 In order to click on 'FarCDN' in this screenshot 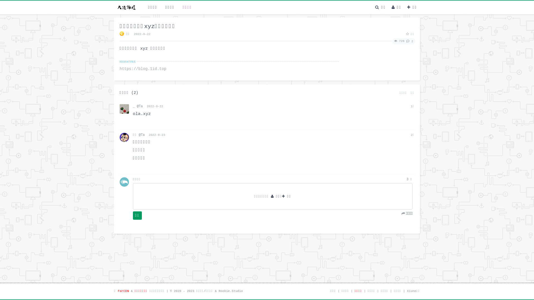, I will do `click(123, 291)`.